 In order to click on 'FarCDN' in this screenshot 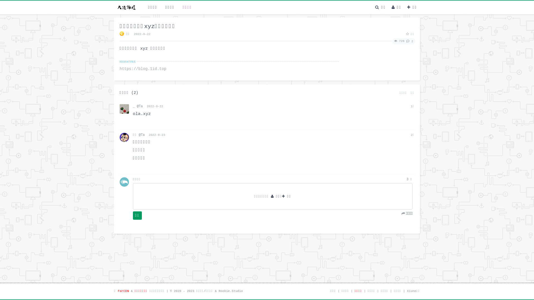, I will do `click(123, 291)`.